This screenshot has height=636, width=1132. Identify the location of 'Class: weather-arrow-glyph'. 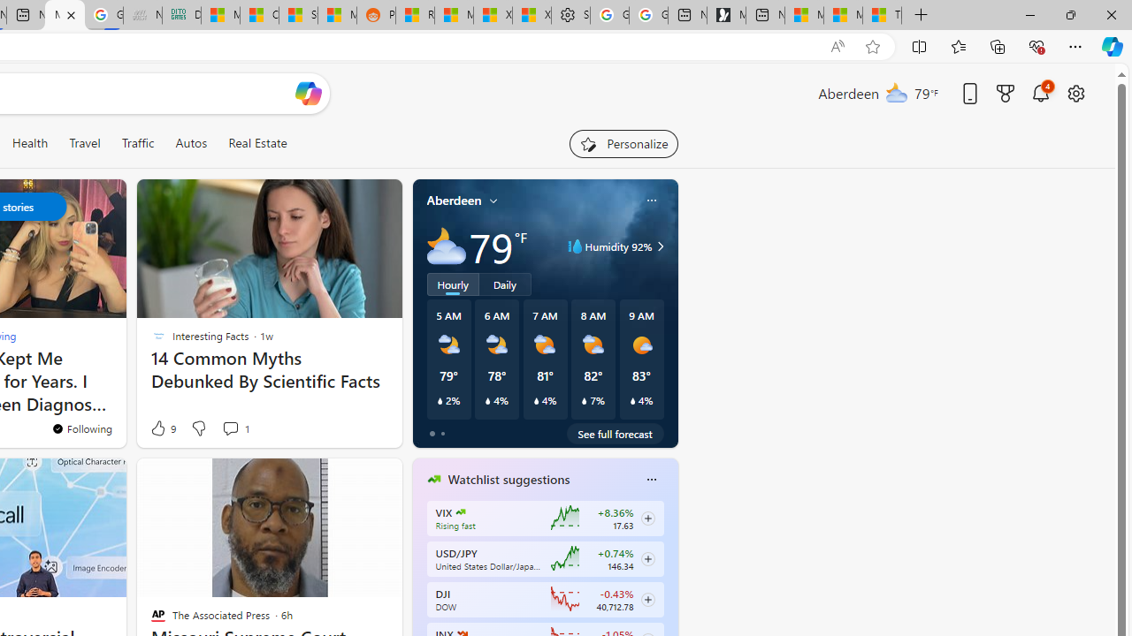
(659, 246).